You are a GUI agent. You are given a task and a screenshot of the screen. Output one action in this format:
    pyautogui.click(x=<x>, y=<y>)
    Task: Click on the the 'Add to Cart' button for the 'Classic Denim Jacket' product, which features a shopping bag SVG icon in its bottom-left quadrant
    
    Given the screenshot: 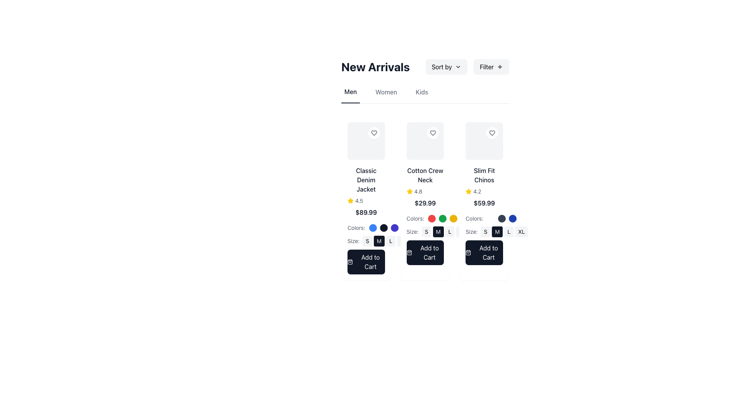 What is the action you would take?
    pyautogui.click(x=350, y=261)
    